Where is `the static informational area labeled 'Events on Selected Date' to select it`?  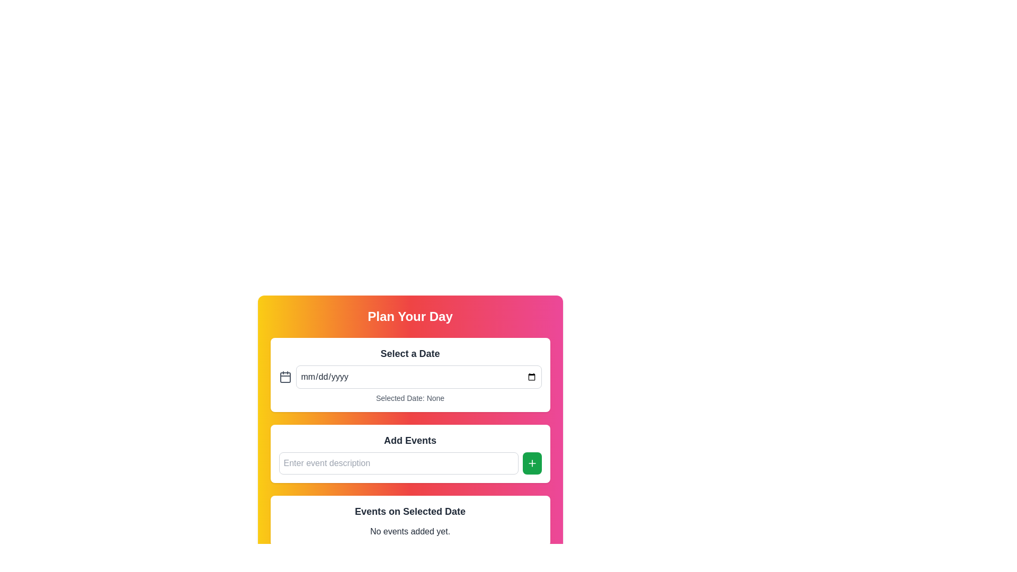
the static informational area labeled 'Events on Selected Date' to select it is located at coordinates (409, 520).